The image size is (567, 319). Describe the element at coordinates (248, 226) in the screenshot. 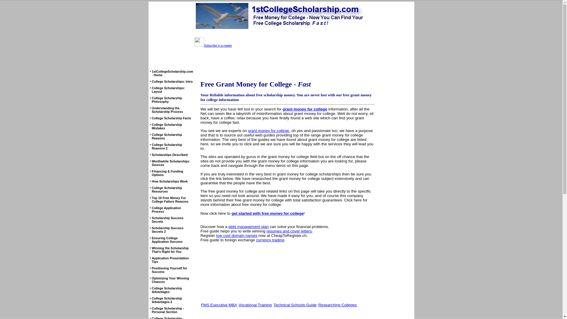

I see `'debt management plan'` at that location.